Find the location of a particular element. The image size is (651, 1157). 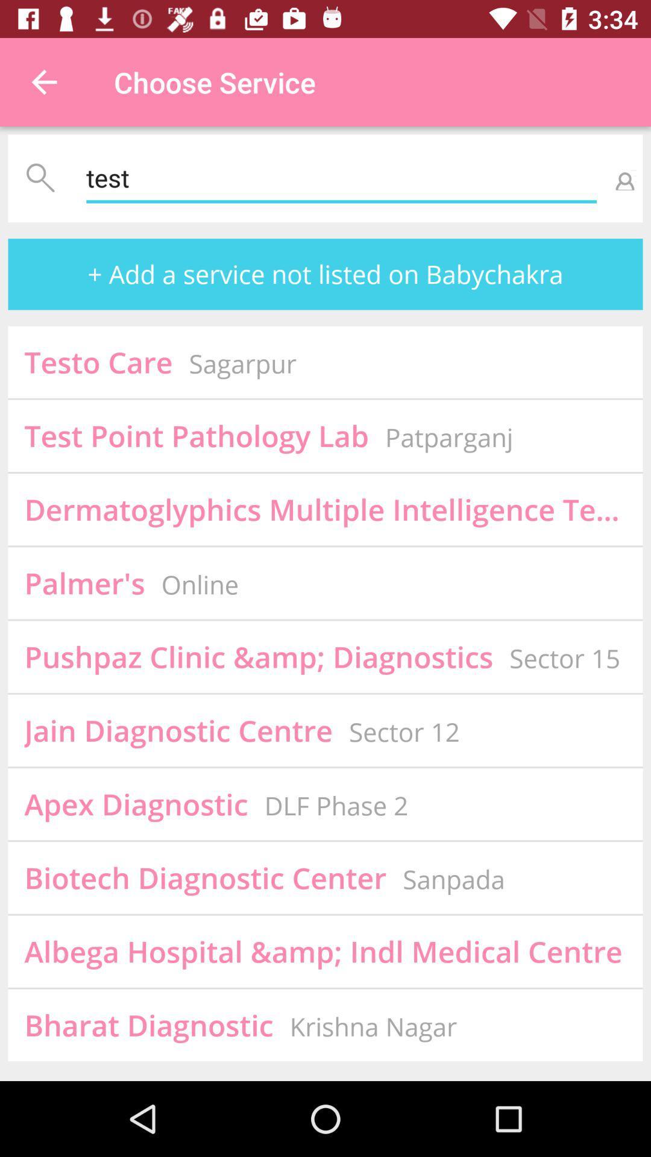

the sector 12 is located at coordinates (404, 731).